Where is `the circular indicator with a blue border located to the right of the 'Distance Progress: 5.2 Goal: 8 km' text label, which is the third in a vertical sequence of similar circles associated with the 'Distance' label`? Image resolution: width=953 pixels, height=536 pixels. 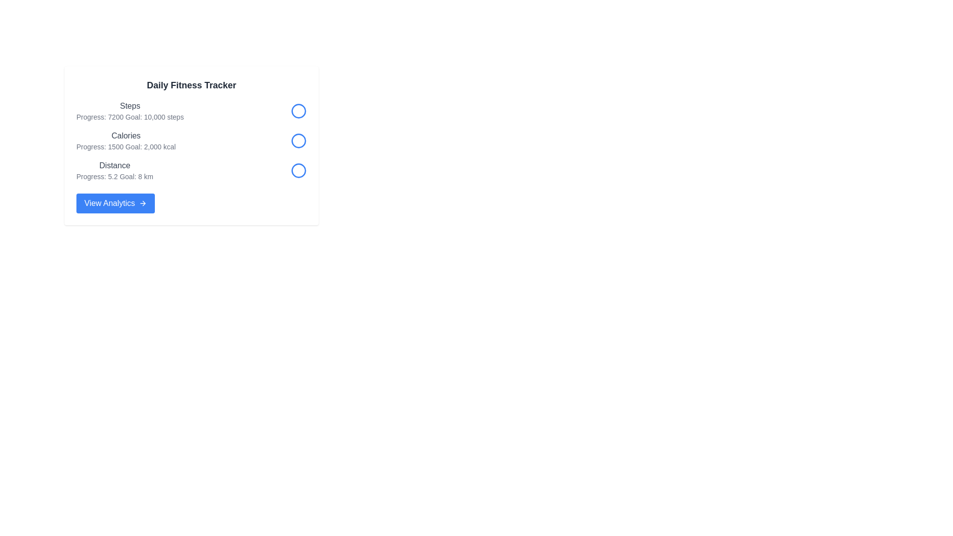
the circular indicator with a blue border located to the right of the 'Distance Progress: 5.2 Goal: 8 km' text label, which is the third in a vertical sequence of similar circles associated with the 'Distance' label is located at coordinates (298, 170).